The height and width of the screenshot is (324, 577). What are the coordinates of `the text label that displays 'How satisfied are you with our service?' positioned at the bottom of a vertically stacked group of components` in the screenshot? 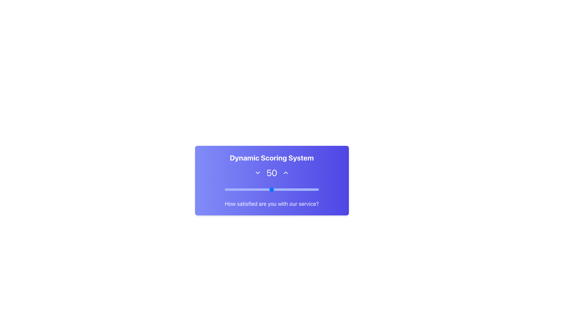 It's located at (271, 203).